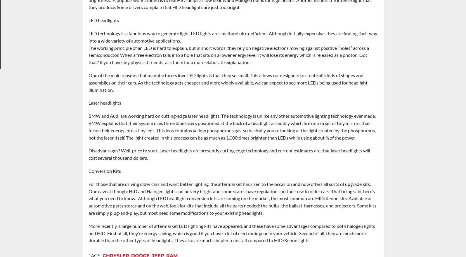  I want to click on 'One of the main reasons that manufacturers love LED lights is that they so small. This allows car designers to create all kinds of shapes and assemblies on their cars. As the technology gets cheaper and more widely available, we can expect to see more LEDs being used for headlight illumination.', so click(228, 82).